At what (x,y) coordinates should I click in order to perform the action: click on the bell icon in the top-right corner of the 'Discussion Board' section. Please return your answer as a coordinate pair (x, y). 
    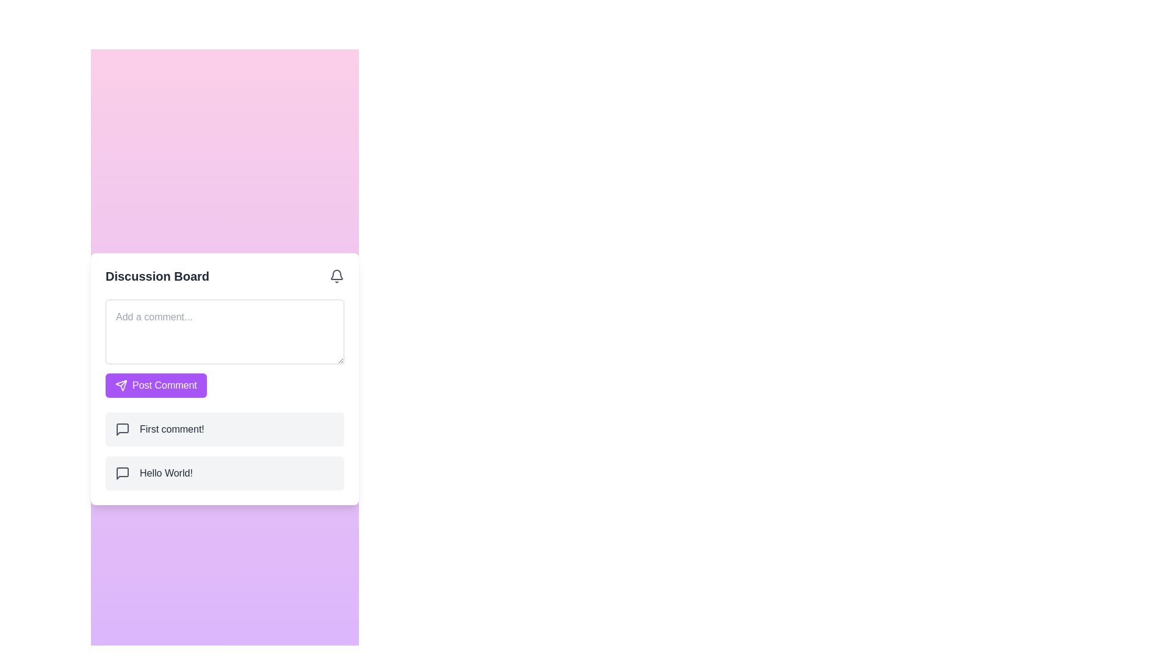
    Looking at the image, I should click on (337, 275).